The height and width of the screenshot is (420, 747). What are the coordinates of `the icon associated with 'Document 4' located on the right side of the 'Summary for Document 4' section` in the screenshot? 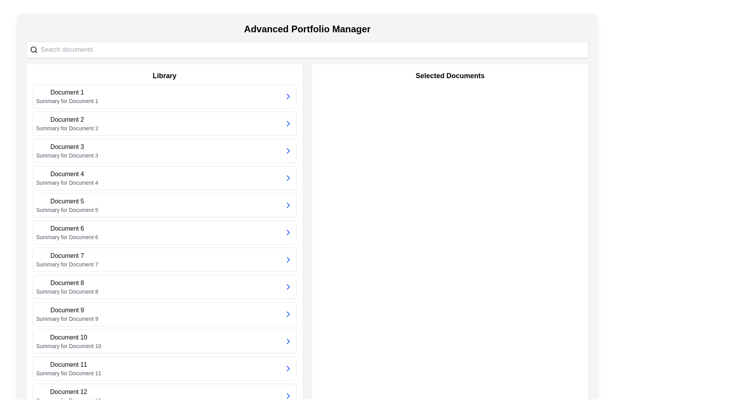 It's located at (288, 178).